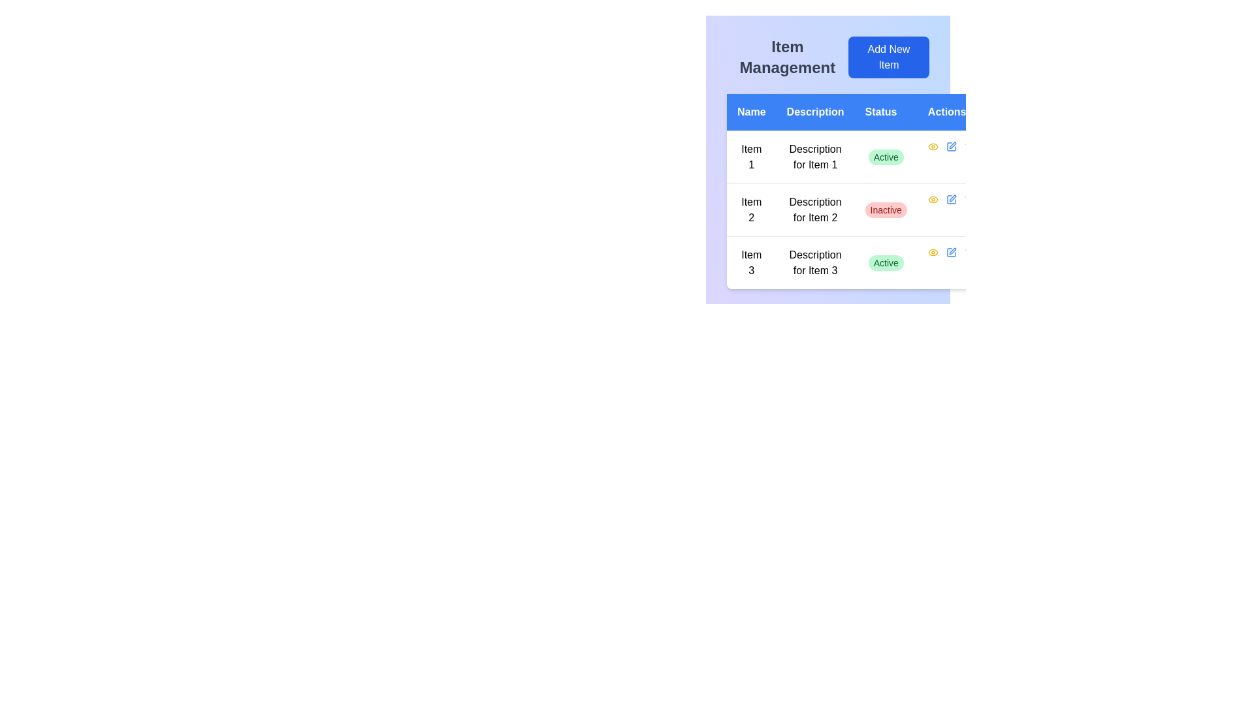 This screenshot has width=1254, height=705. I want to click on the static text label displaying 'Description for Item 2', which is positioned in the second row of a table under the 'Description' column, between 'Item 2' and the 'Inactive' status indicator, so click(814, 209).